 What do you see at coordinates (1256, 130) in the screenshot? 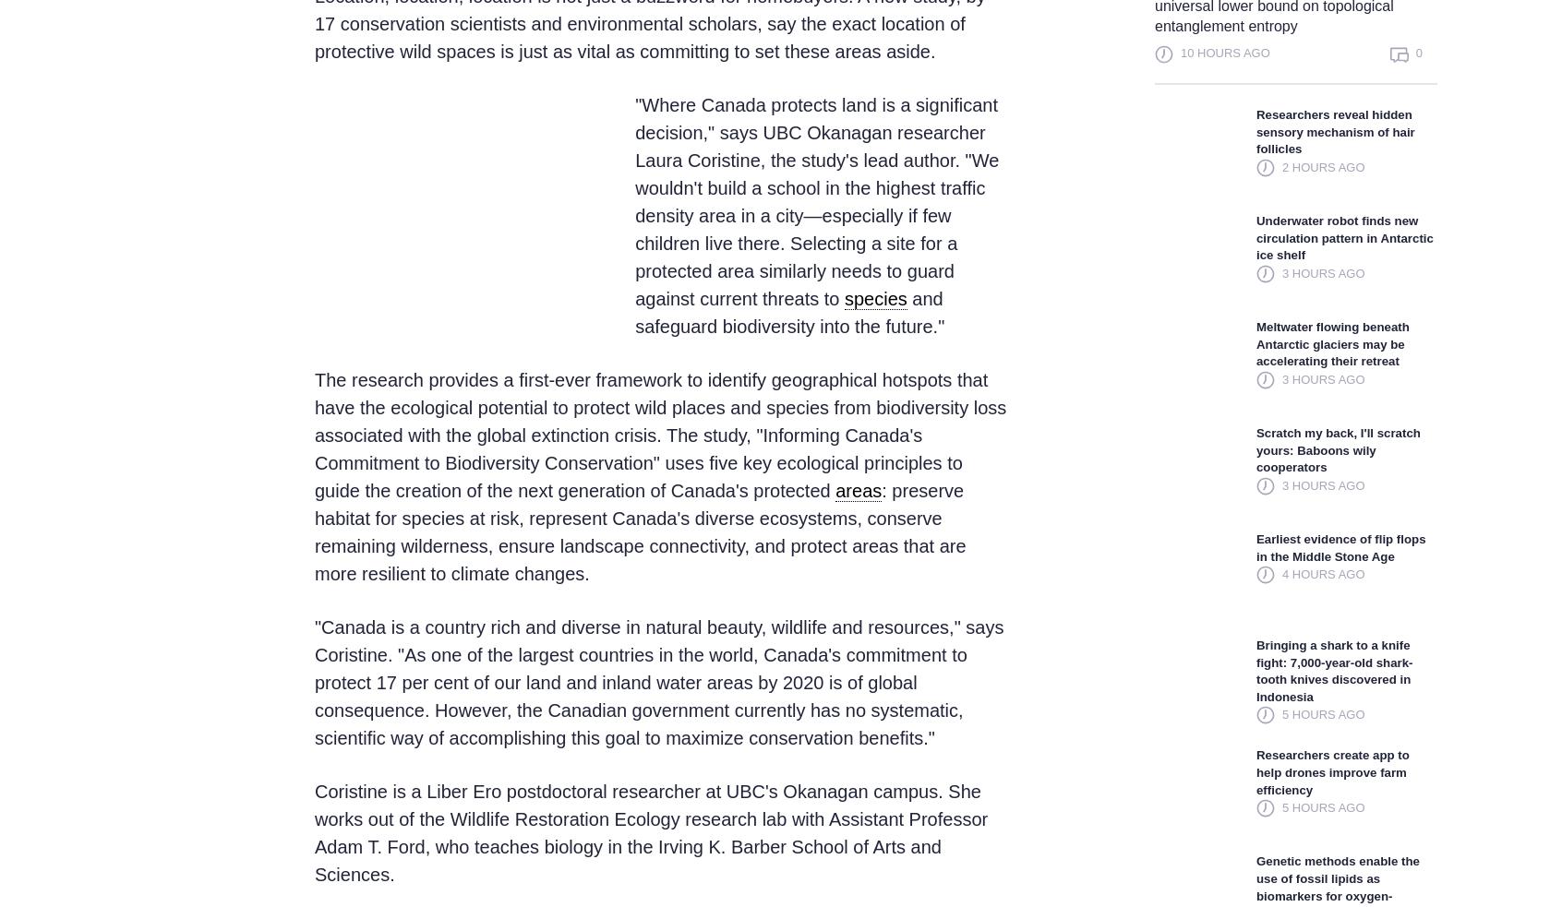
I see `'Researchers reveal hidden sensory mechanism of hair follicles'` at bounding box center [1256, 130].